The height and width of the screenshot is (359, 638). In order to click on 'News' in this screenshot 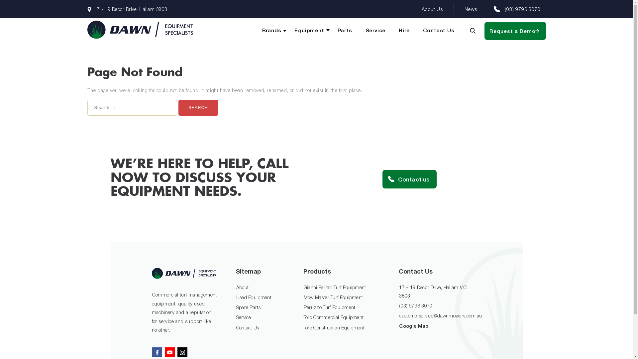, I will do `click(464, 9)`.